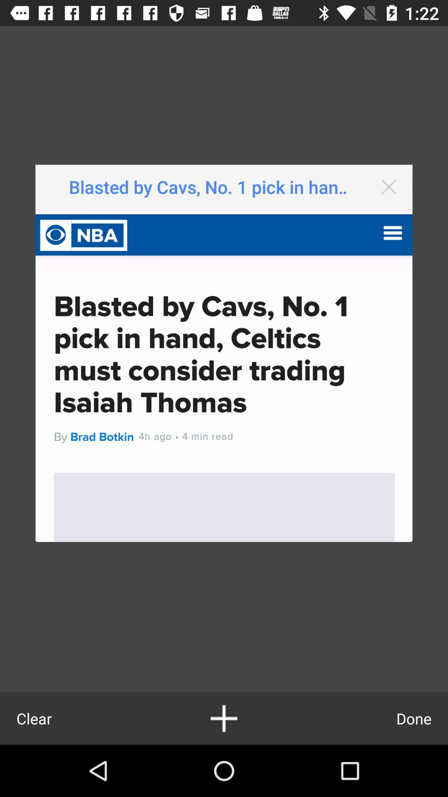  Describe the element at coordinates (224, 768) in the screenshot. I see `the add icon` at that location.